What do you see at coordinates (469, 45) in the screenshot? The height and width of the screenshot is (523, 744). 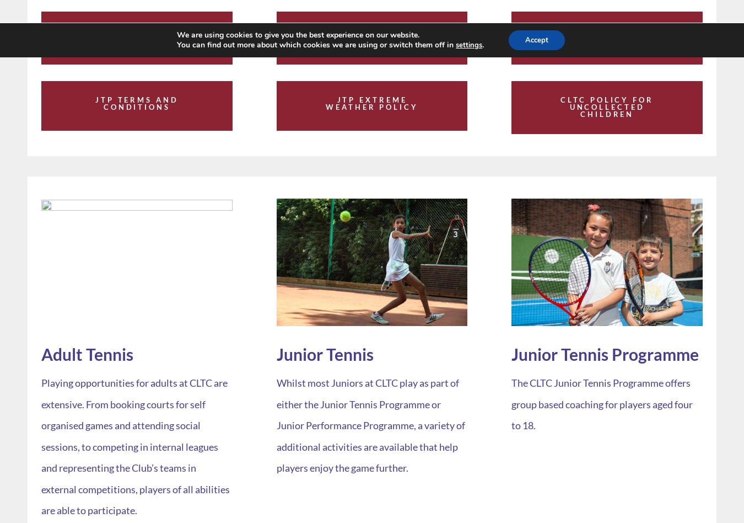 I see `'settings'` at bounding box center [469, 45].